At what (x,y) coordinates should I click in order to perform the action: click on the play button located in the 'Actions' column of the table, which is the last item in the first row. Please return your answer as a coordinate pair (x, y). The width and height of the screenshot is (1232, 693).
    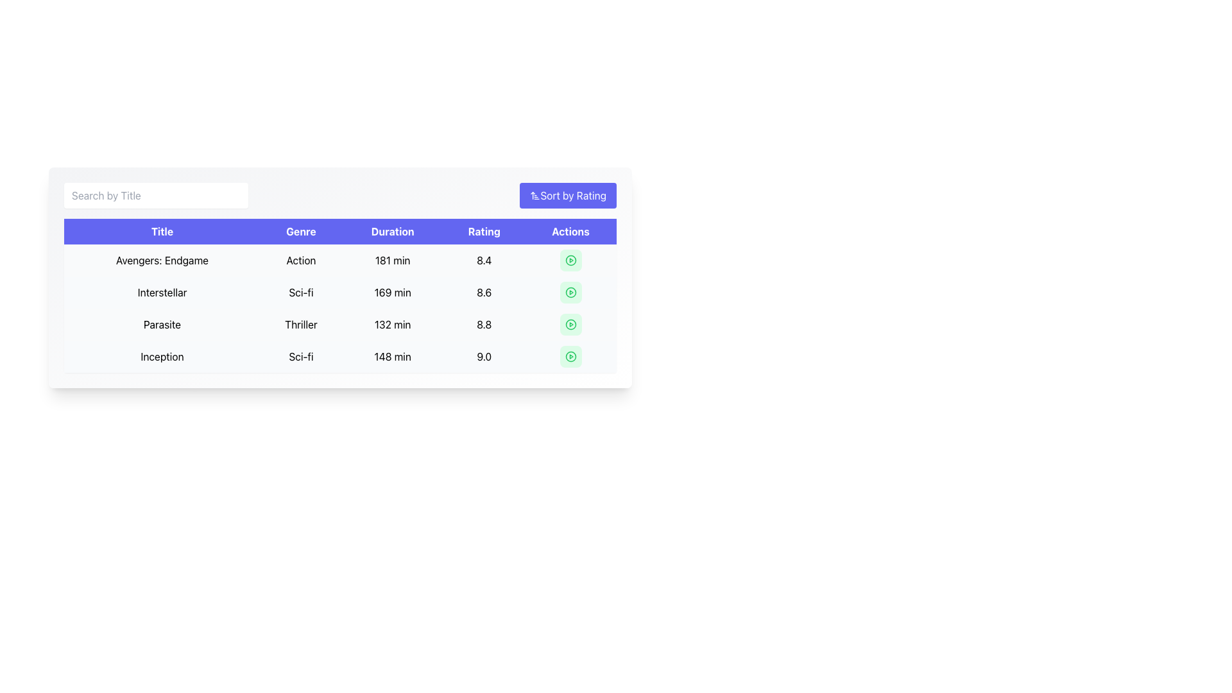
    Looking at the image, I should click on (570, 260).